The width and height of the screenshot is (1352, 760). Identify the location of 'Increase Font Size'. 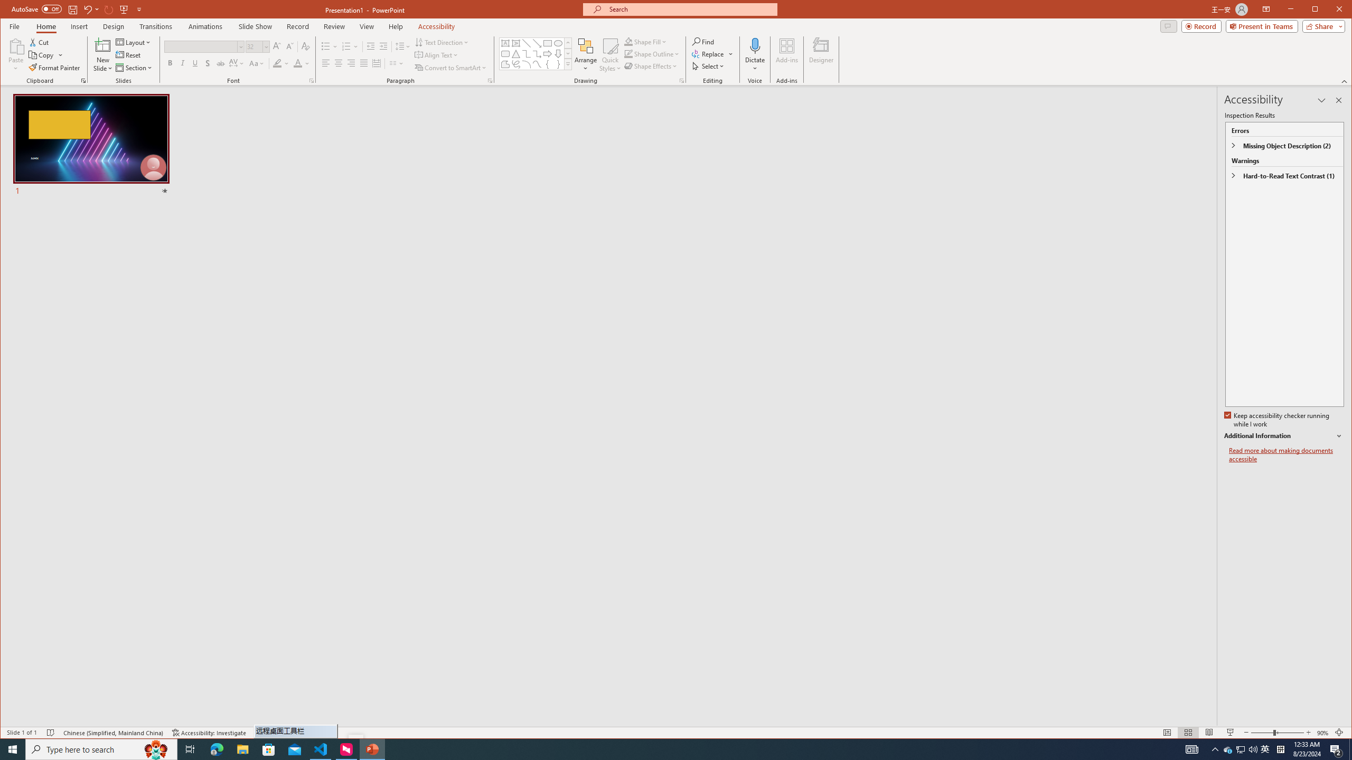
(276, 46).